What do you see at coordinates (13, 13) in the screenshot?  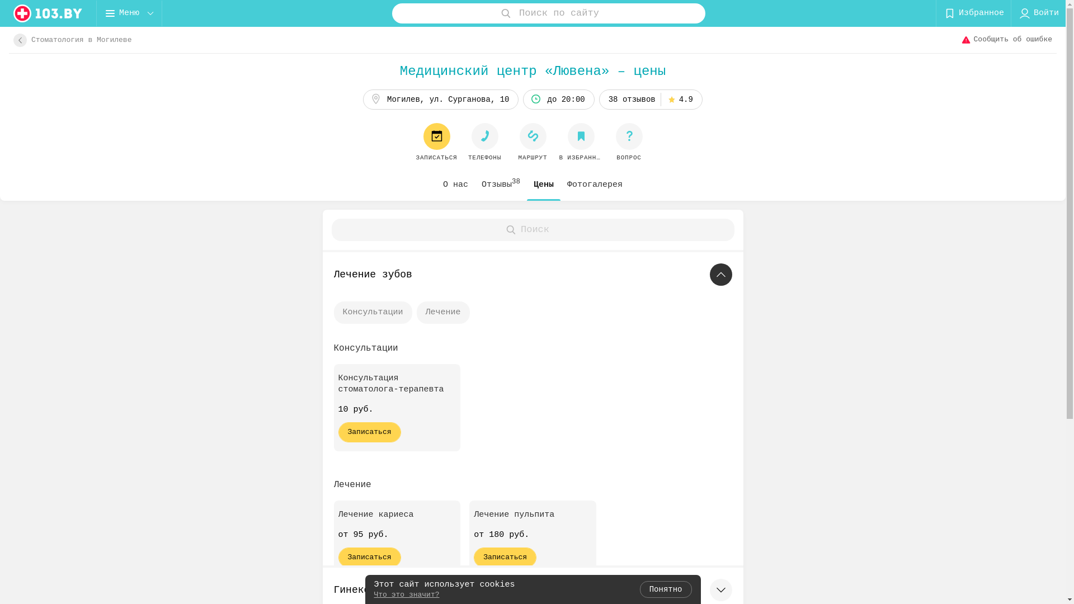 I see `'logo'` at bounding box center [13, 13].